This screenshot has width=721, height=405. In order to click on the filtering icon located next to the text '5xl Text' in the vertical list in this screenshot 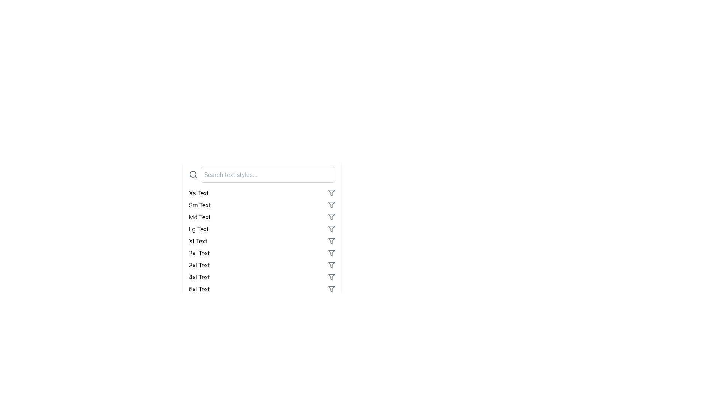, I will do `click(331, 289)`.